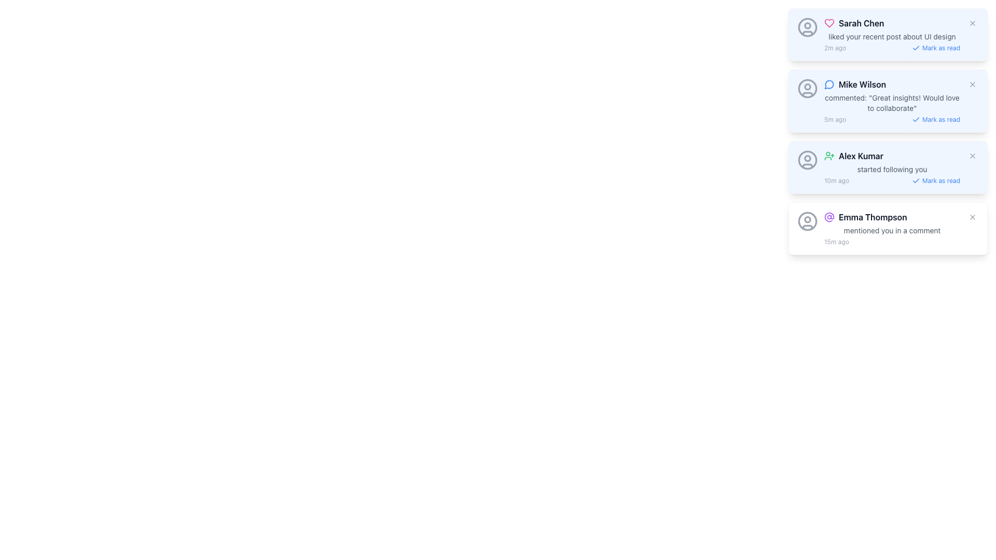 The image size is (996, 560). What do you see at coordinates (828, 83) in the screenshot?
I see `the small circular blue speech bubble icon located to the left of the text 'Mike Wilson'` at bounding box center [828, 83].